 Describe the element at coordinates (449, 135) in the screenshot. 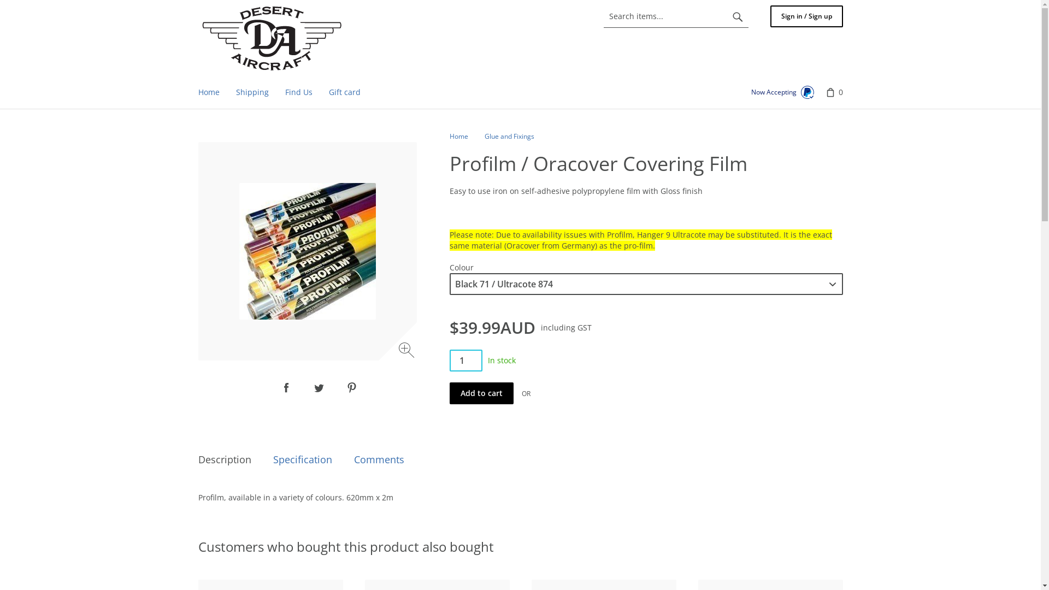

I see `'Home'` at that location.